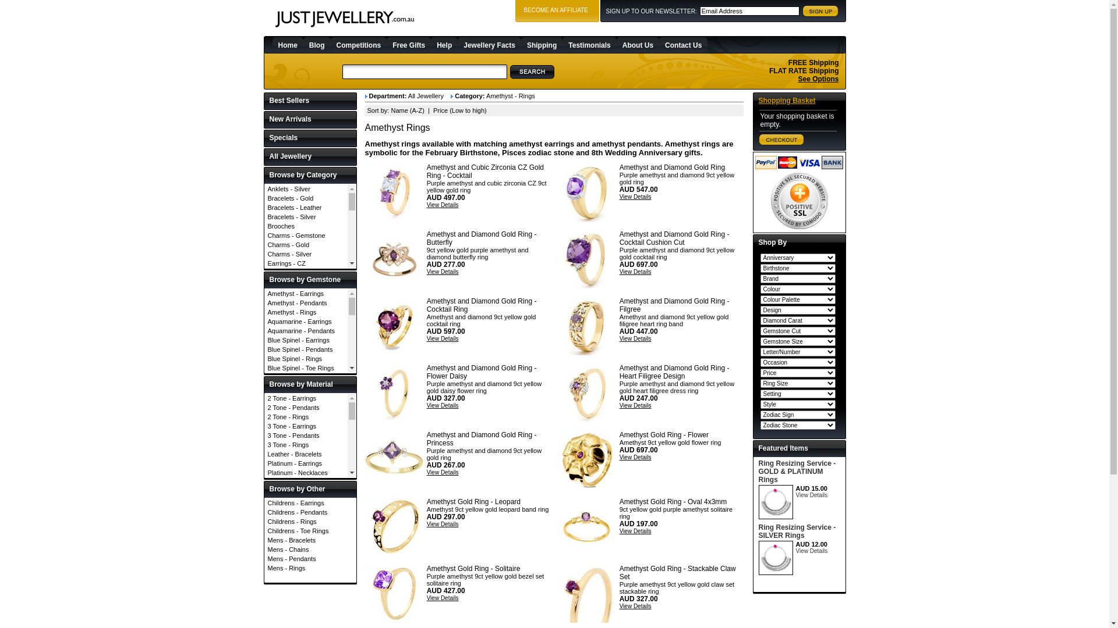  Describe the element at coordinates (310, 521) in the screenshot. I see `'Childrens - Rings'` at that location.